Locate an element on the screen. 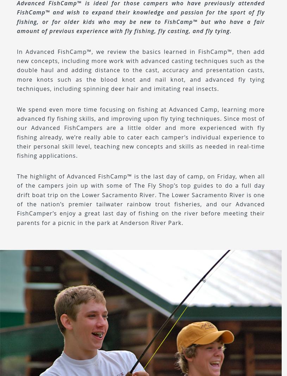 Image resolution: width=287 pixels, height=376 pixels. '. The' is located at coordinates (163, 194).